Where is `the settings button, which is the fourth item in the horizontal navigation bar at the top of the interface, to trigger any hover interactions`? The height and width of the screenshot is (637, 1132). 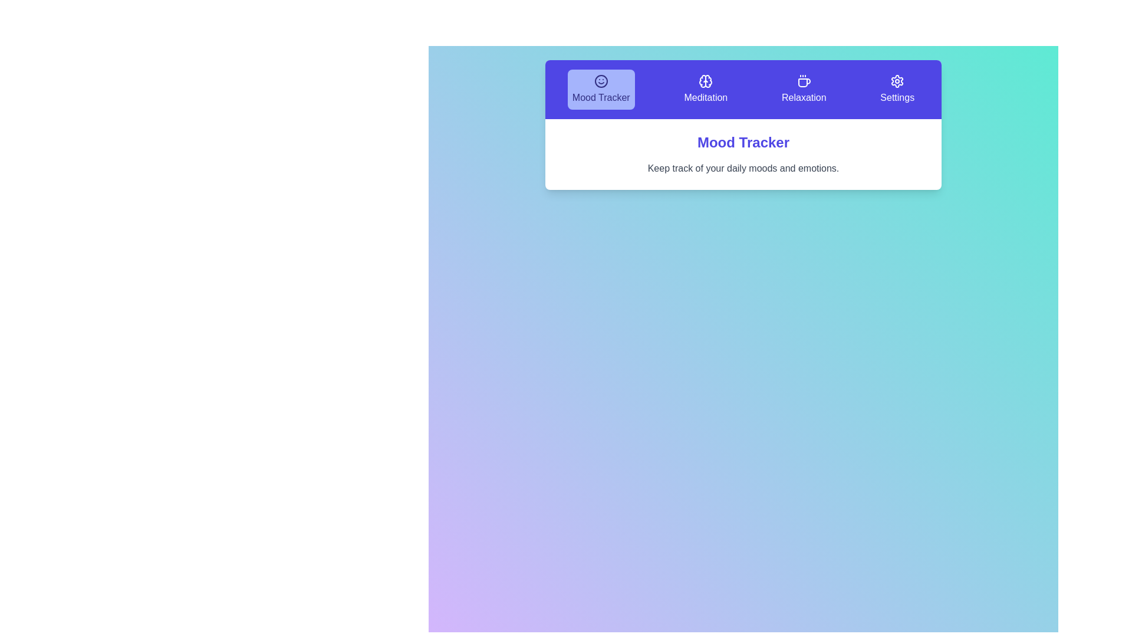
the settings button, which is the fourth item in the horizontal navigation bar at the top of the interface, to trigger any hover interactions is located at coordinates (897, 88).